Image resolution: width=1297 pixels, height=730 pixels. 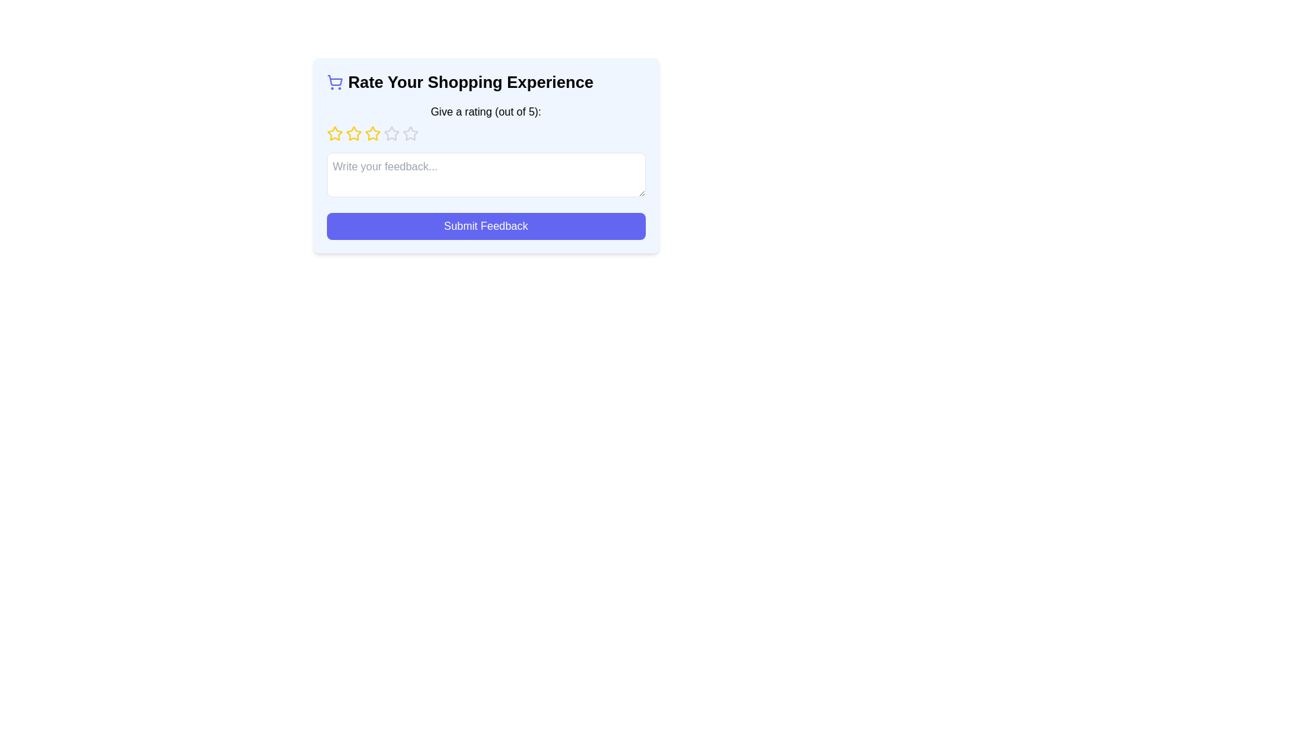 I want to click on the first star rating button, so click(x=334, y=133).